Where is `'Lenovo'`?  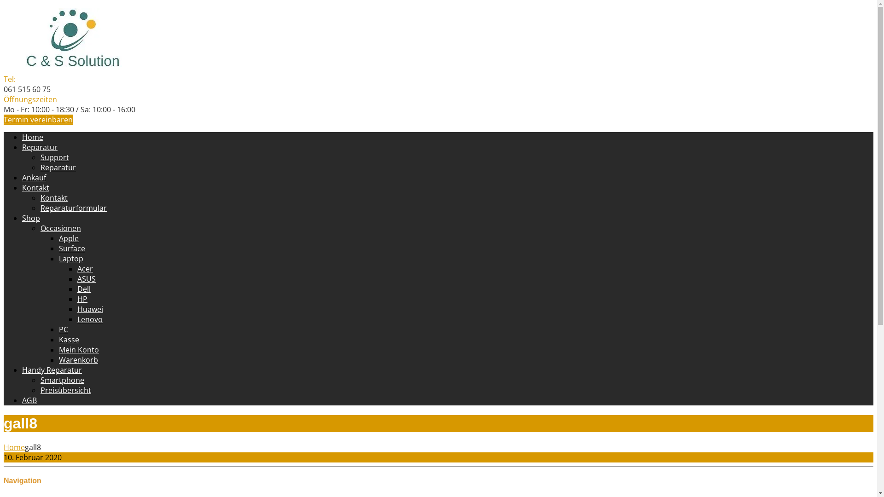
'Lenovo' is located at coordinates (90, 319).